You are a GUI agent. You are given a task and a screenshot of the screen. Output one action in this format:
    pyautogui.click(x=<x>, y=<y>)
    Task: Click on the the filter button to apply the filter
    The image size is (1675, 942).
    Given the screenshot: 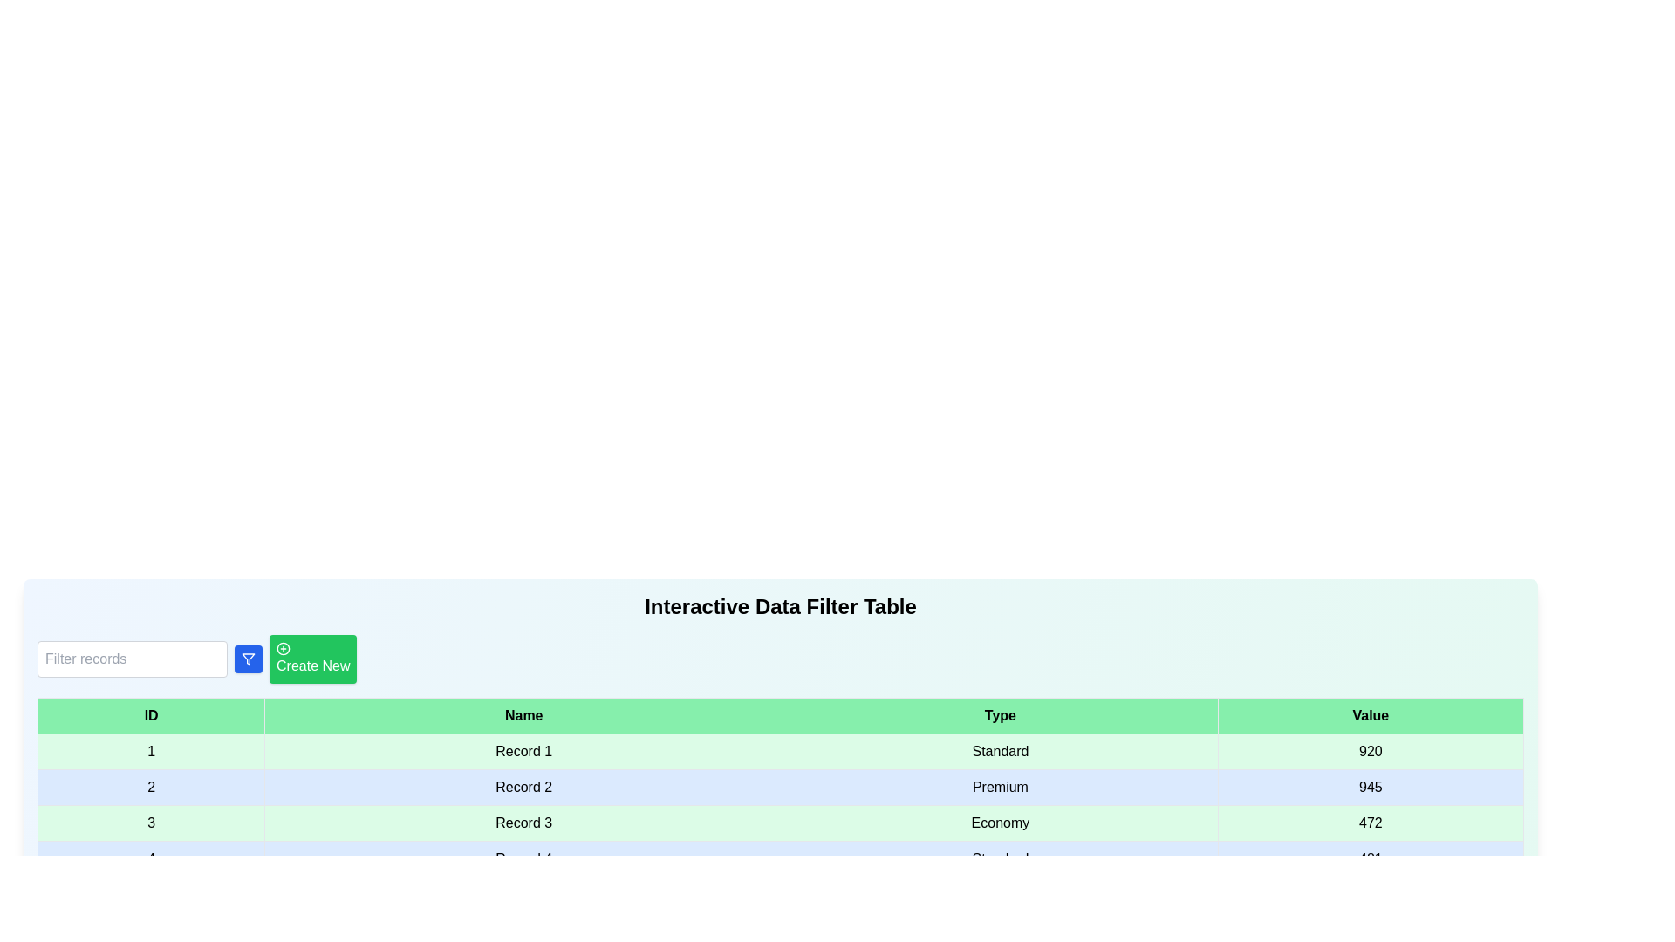 What is the action you would take?
    pyautogui.click(x=247, y=659)
    